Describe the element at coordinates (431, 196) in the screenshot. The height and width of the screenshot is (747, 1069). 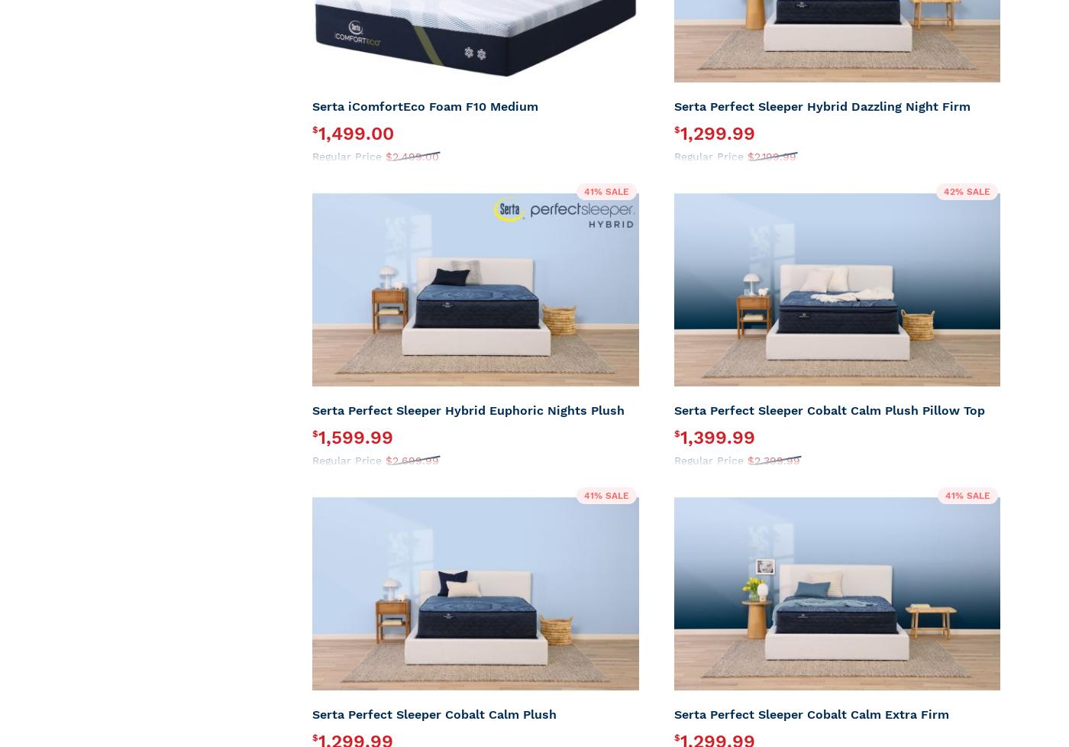
I see `'$84'` at that location.